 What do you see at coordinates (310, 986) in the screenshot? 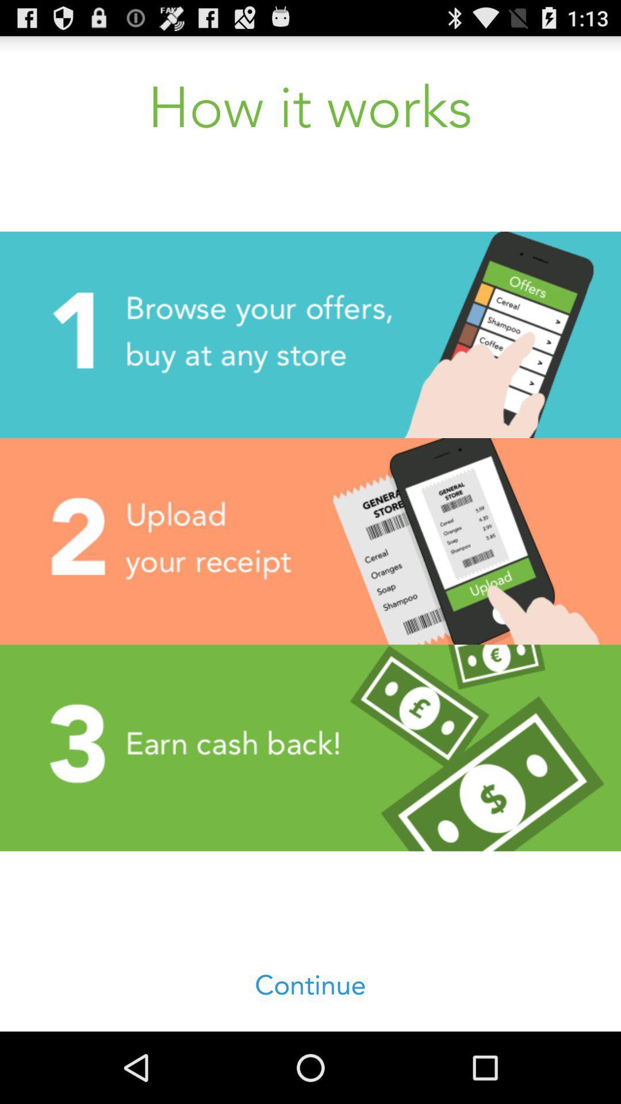
I see `the continue` at bounding box center [310, 986].